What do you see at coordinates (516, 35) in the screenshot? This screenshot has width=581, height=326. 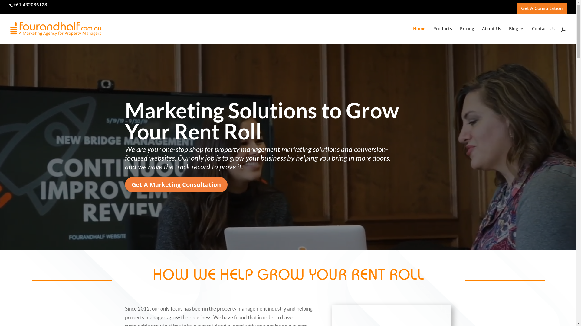 I see `'Blog'` at bounding box center [516, 35].